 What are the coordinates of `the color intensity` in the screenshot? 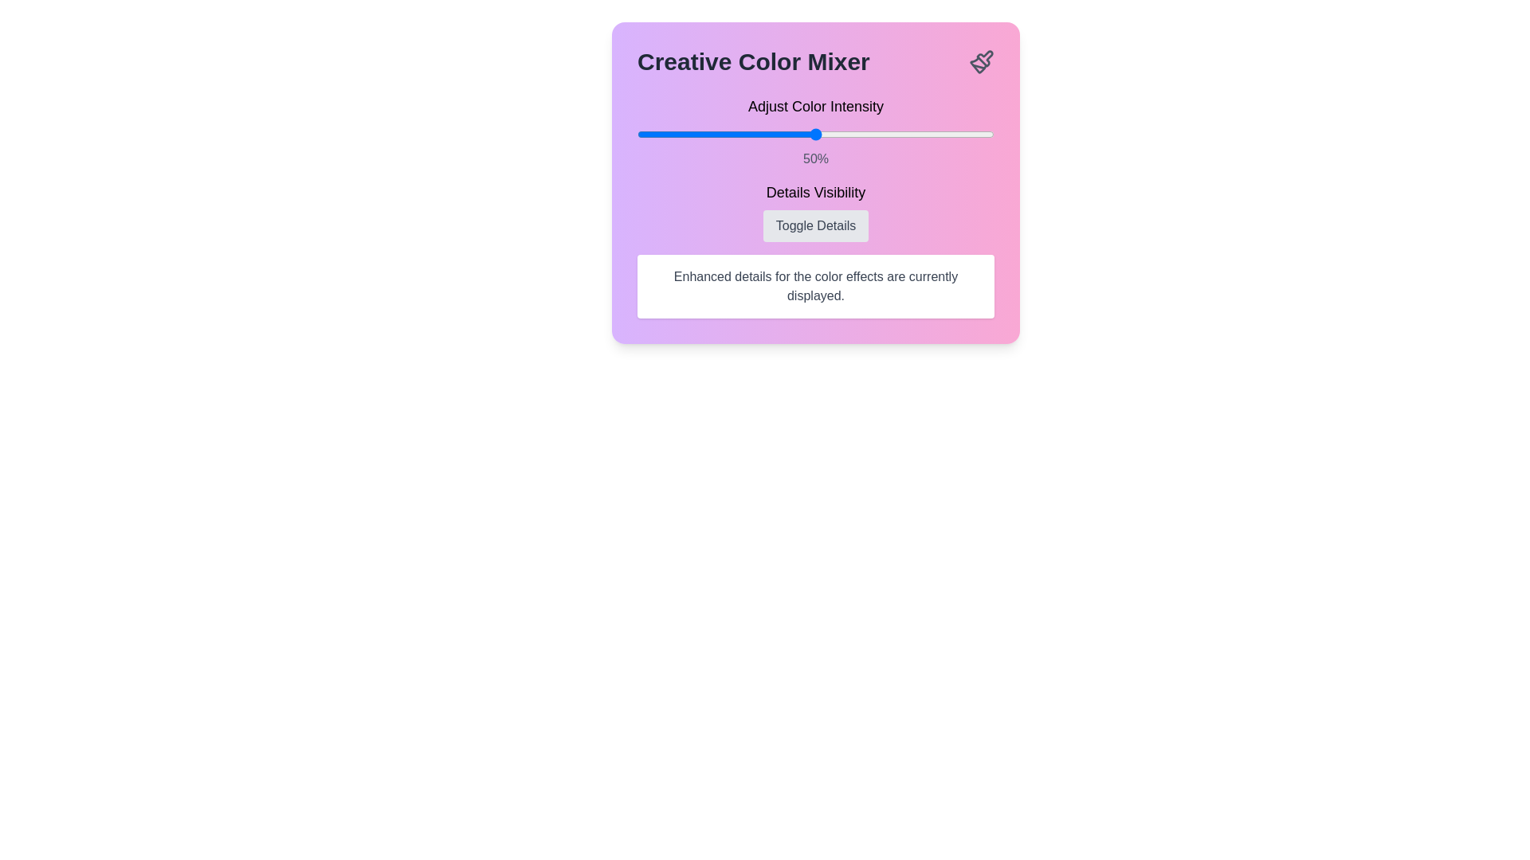 It's located at (673, 134).